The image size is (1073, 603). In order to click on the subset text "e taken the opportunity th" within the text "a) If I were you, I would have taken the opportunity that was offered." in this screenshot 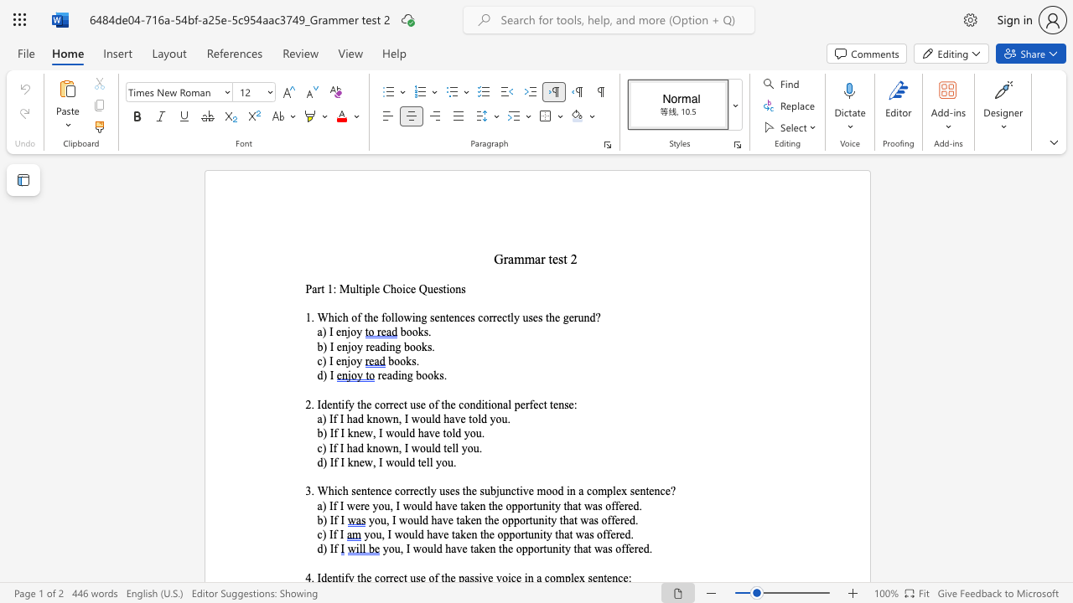, I will do `click(452, 505)`.